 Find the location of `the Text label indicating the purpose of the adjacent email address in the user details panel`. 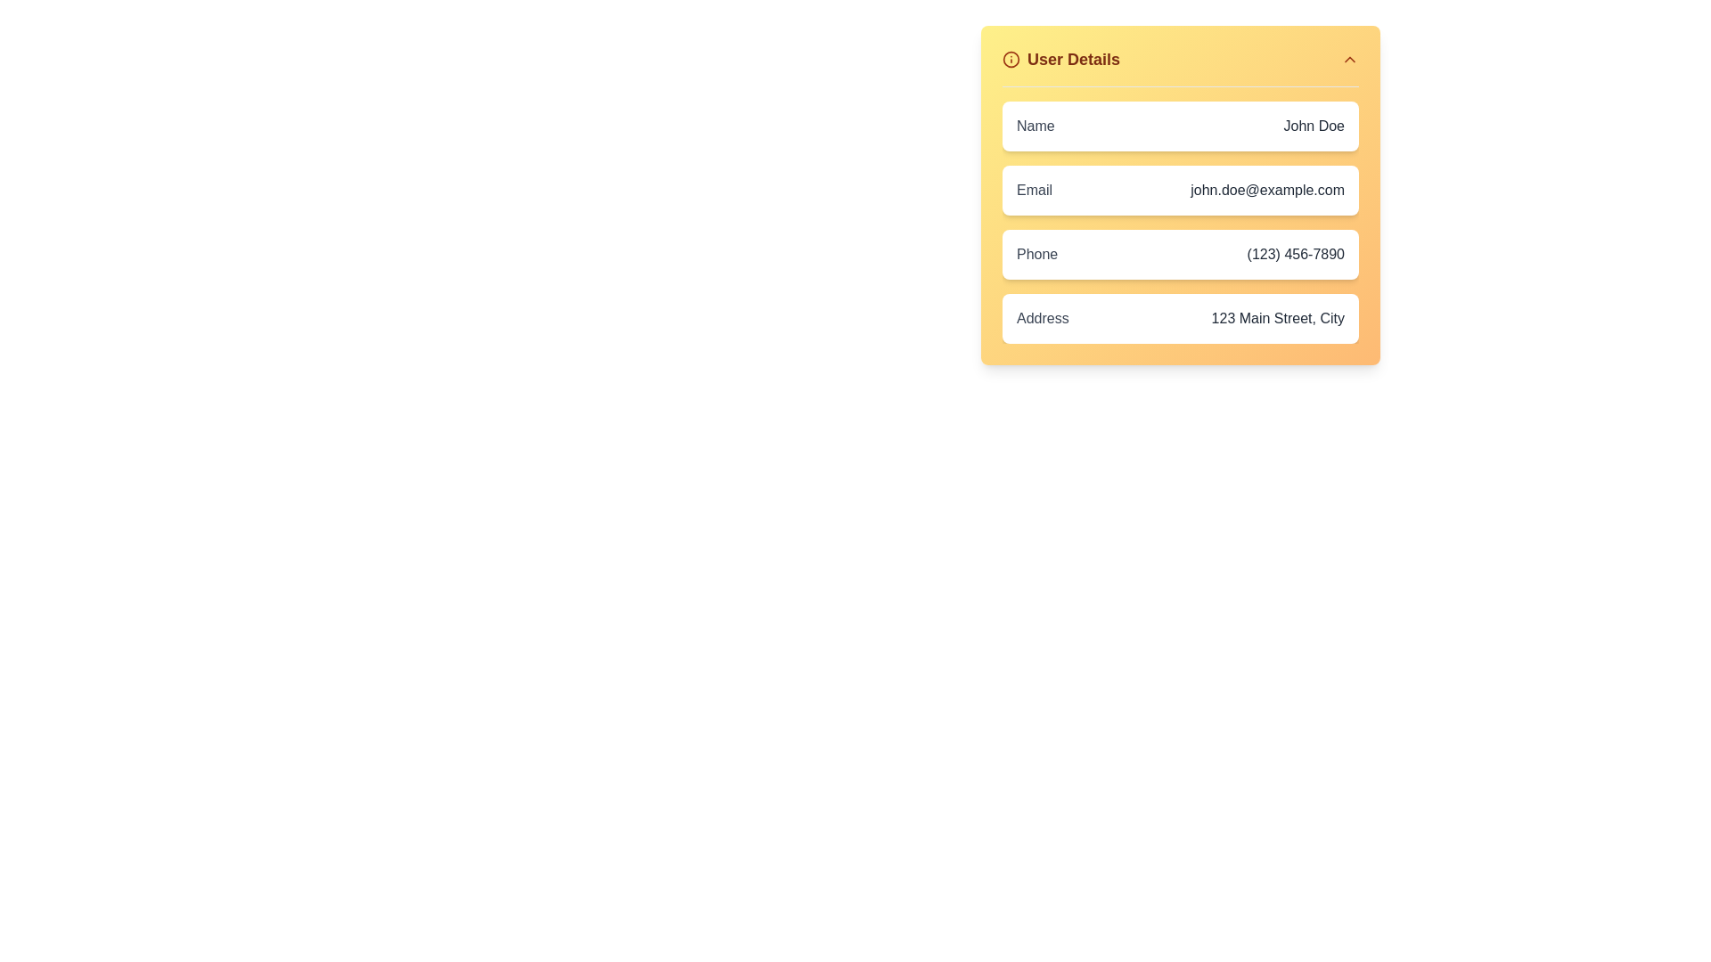

the Text label indicating the purpose of the adjacent email address in the user details panel is located at coordinates (1035, 190).